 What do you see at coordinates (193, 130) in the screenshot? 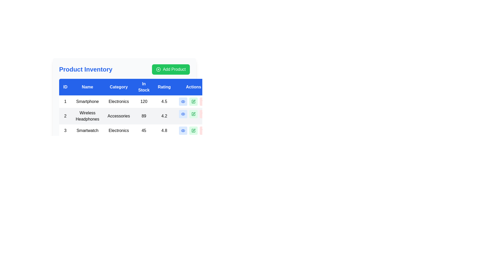
I see `the edit button located in the action column of the last row of the table, positioned between a blue button and a red button, to initiate the edit action` at bounding box center [193, 130].